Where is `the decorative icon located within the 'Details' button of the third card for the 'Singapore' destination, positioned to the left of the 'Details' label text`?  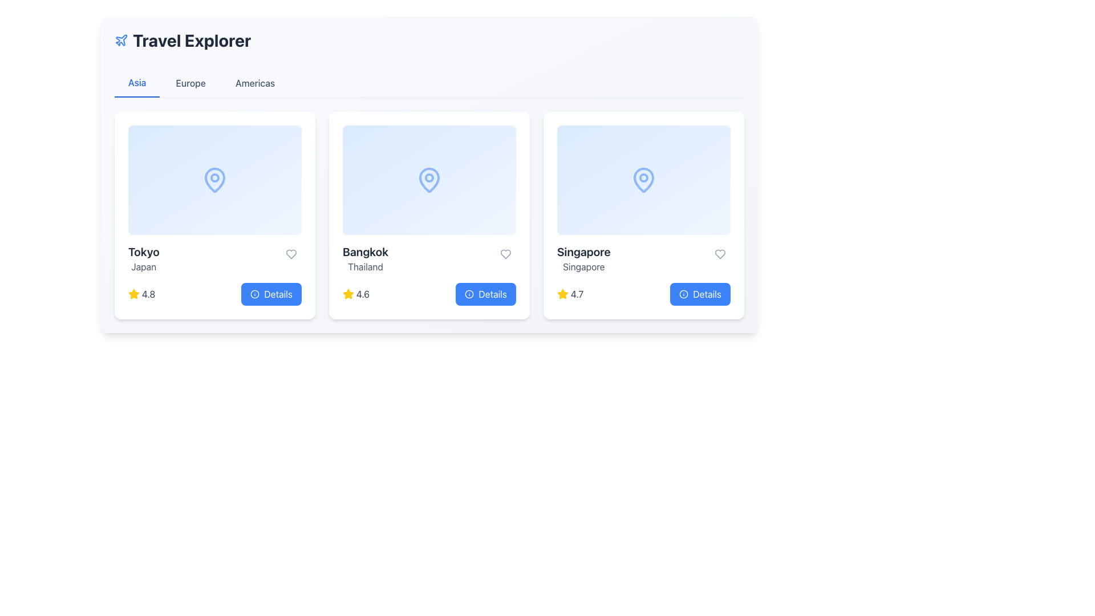
the decorative icon located within the 'Details' button of the third card for the 'Singapore' destination, positioned to the left of the 'Details' label text is located at coordinates (684, 294).